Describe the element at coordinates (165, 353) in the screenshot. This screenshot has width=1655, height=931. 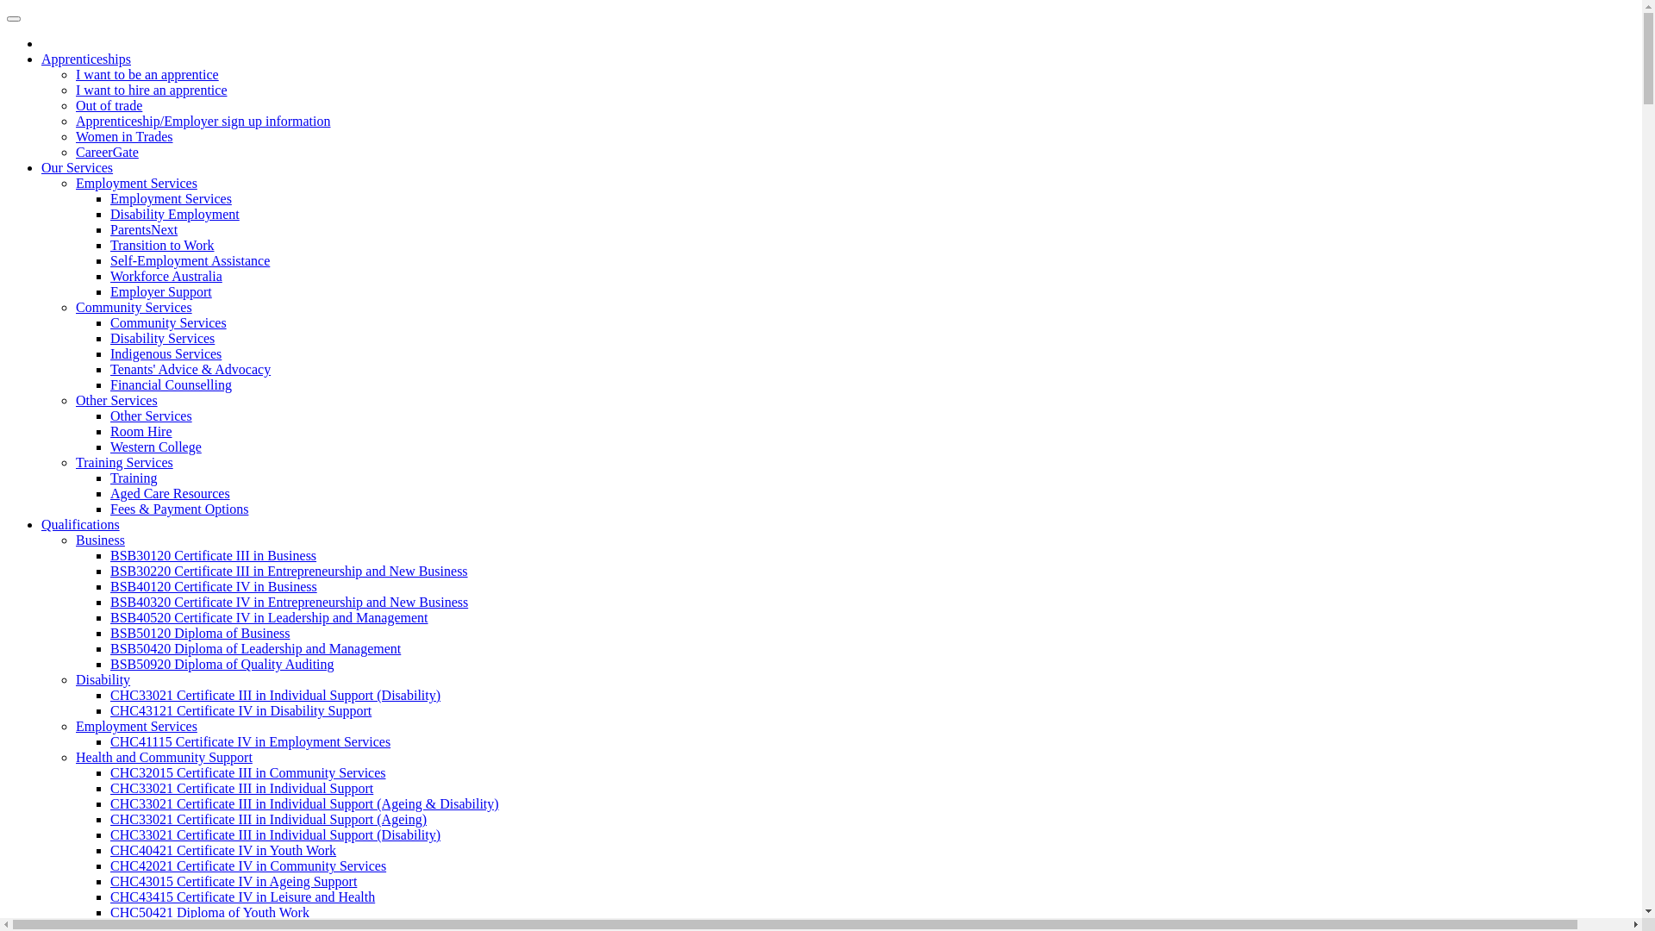
I see `'Indigenous Services'` at that location.